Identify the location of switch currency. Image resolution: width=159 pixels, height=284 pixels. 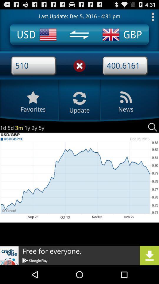
(79, 35).